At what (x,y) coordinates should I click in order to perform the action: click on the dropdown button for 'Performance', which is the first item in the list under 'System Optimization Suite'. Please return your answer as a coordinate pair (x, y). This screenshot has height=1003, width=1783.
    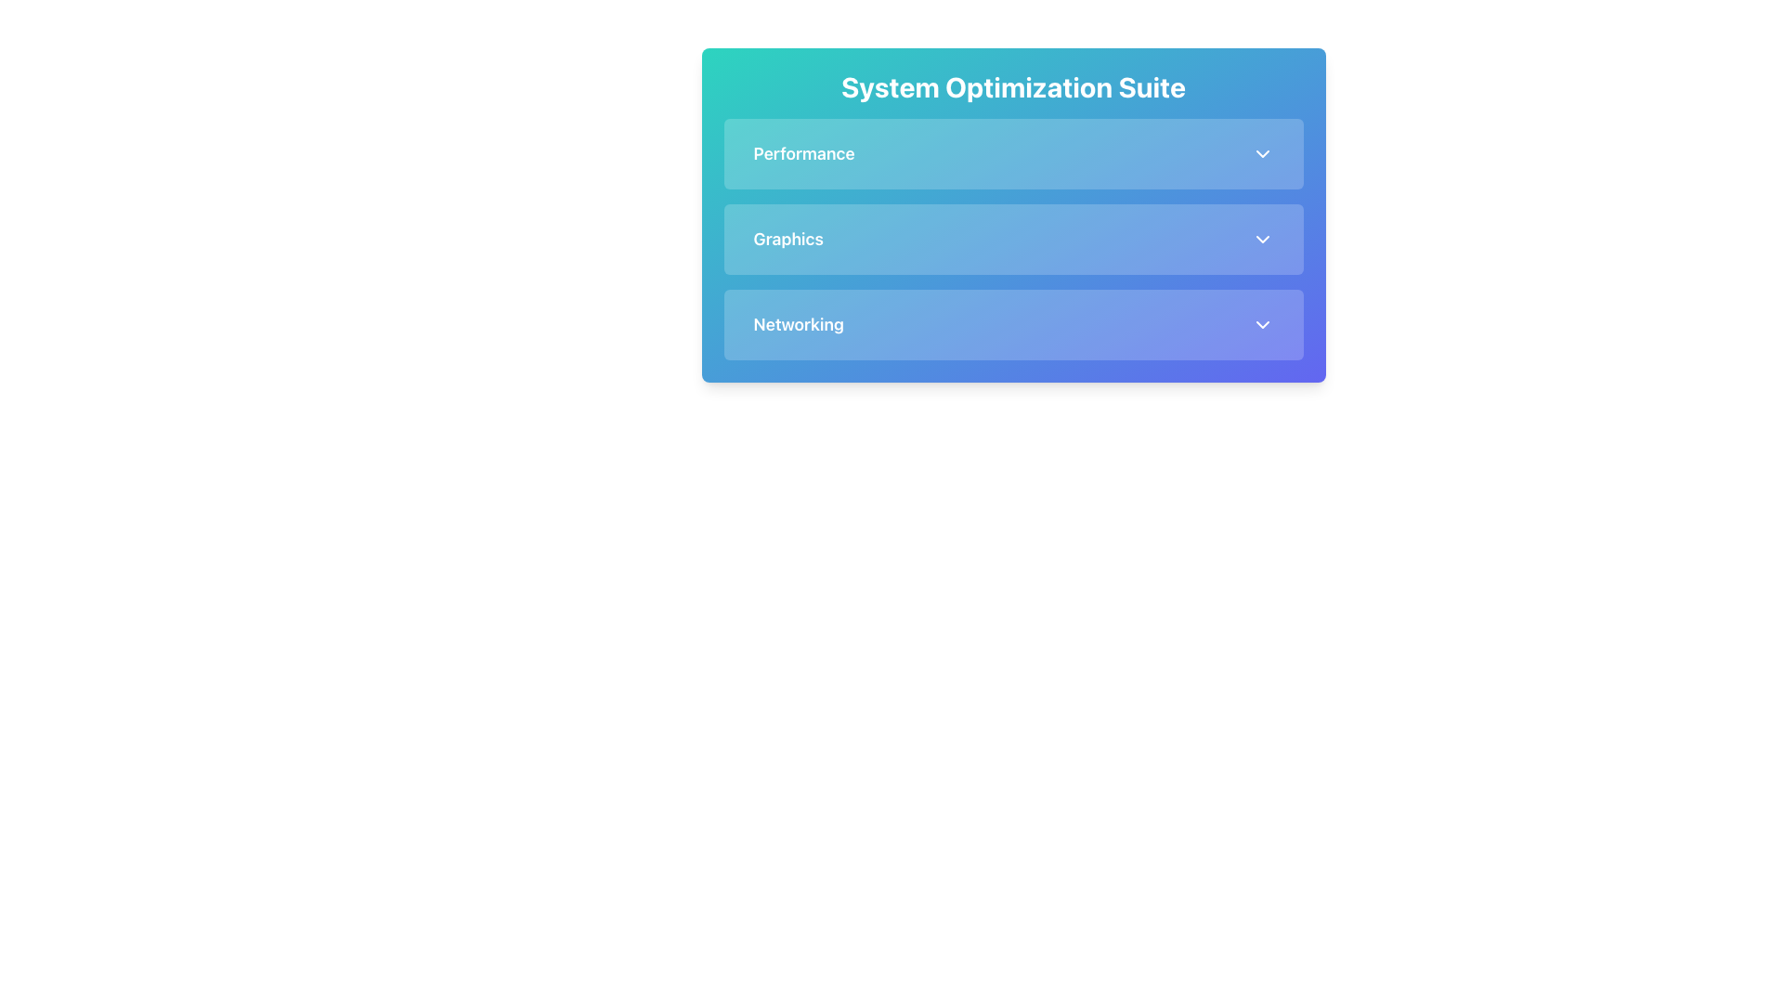
    Looking at the image, I should click on (1012, 152).